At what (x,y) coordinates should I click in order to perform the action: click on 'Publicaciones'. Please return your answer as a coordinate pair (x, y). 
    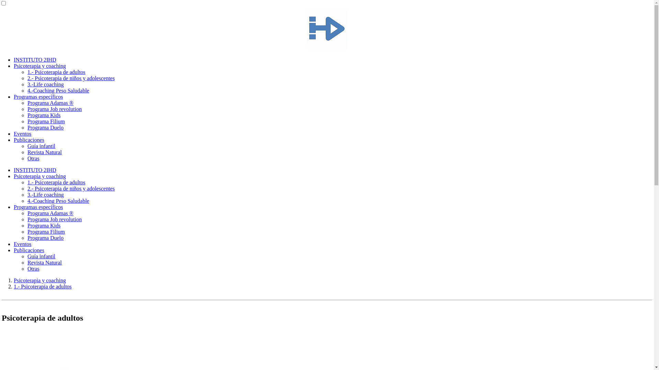
    Looking at the image, I should click on (28, 139).